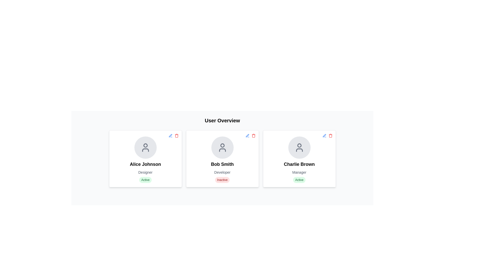 The image size is (486, 273). What do you see at coordinates (222, 172) in the screenshot?
I see `the occupation descriptor text element located beneath the name 'Bob Smith' and above the 'Inactive' indicator` at bounding box center [222, 172].